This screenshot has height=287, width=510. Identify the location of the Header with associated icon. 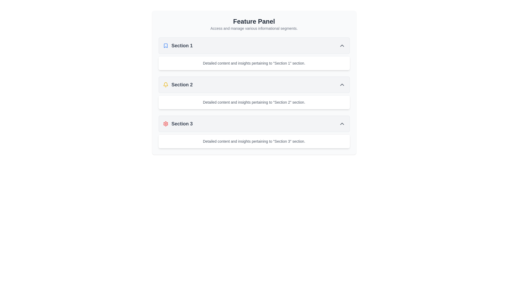
(178, 124).